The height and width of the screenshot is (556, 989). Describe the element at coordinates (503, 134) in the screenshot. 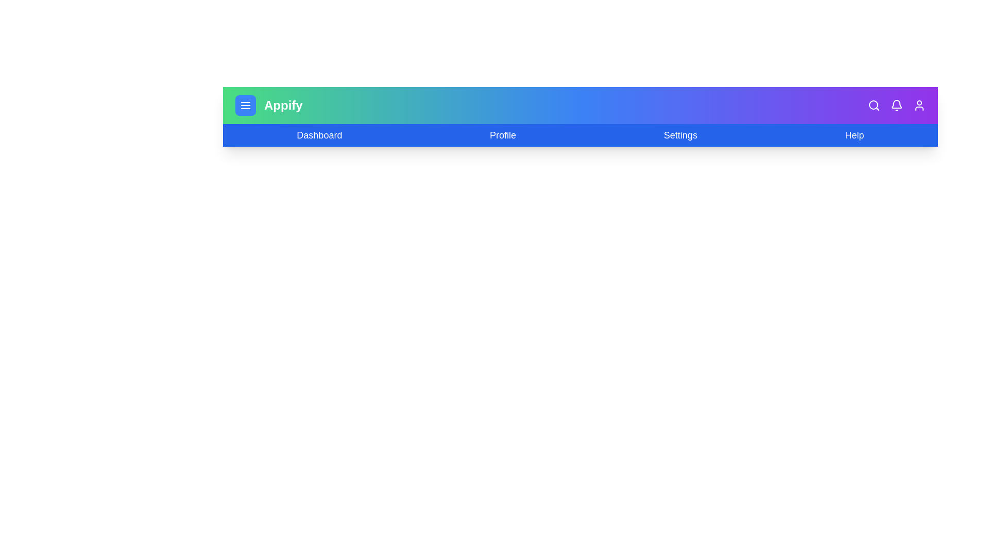

I see `the 'Profile' menu item` at that location.